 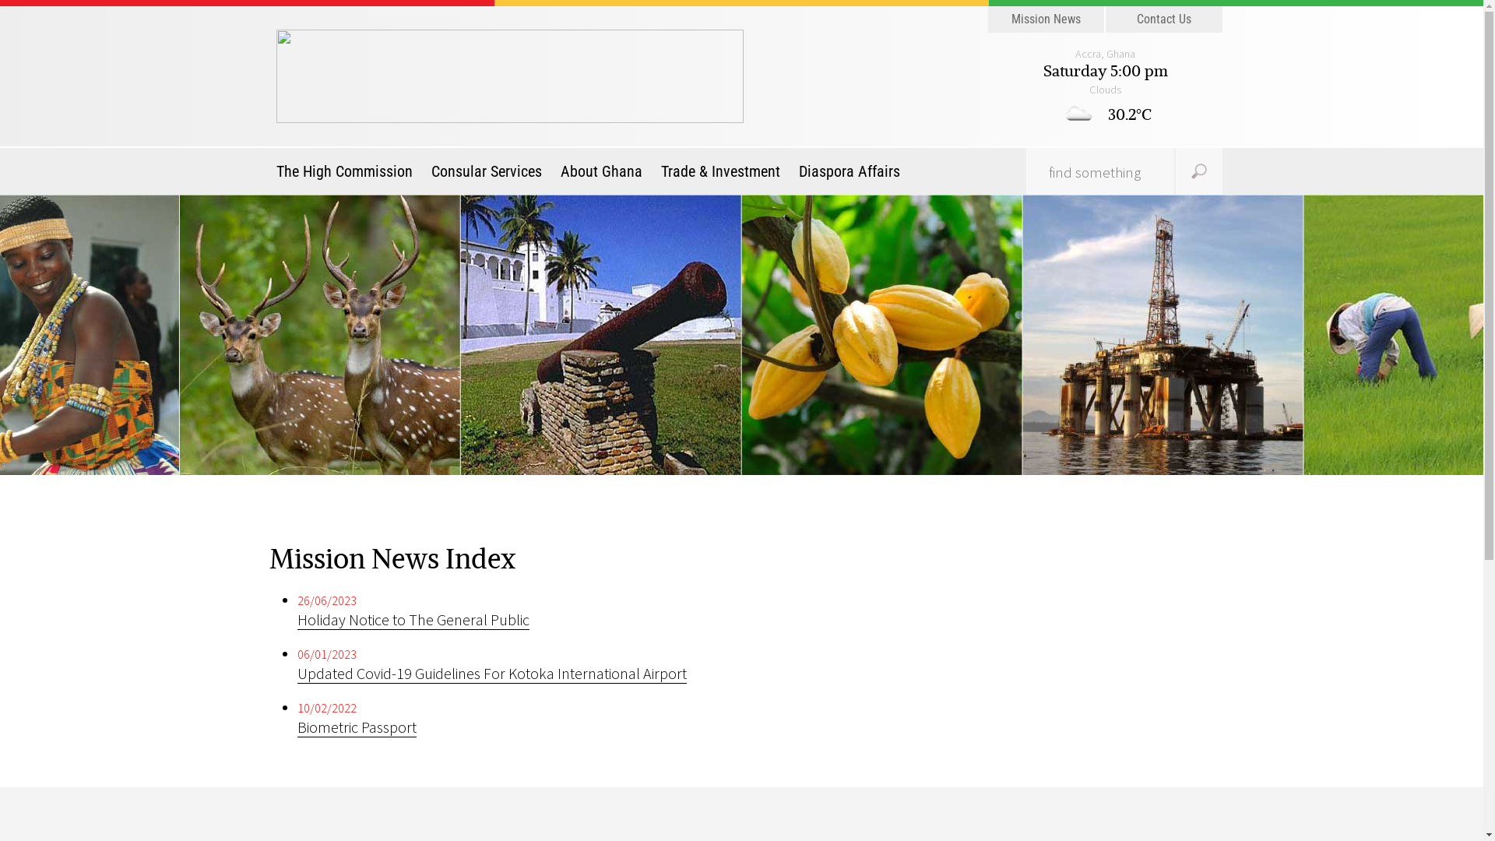 What do you see at coordinates (413, 618) in the screenshot?
I see `'Holiday Notice to The General Public'` at bounding box center [413, 618].